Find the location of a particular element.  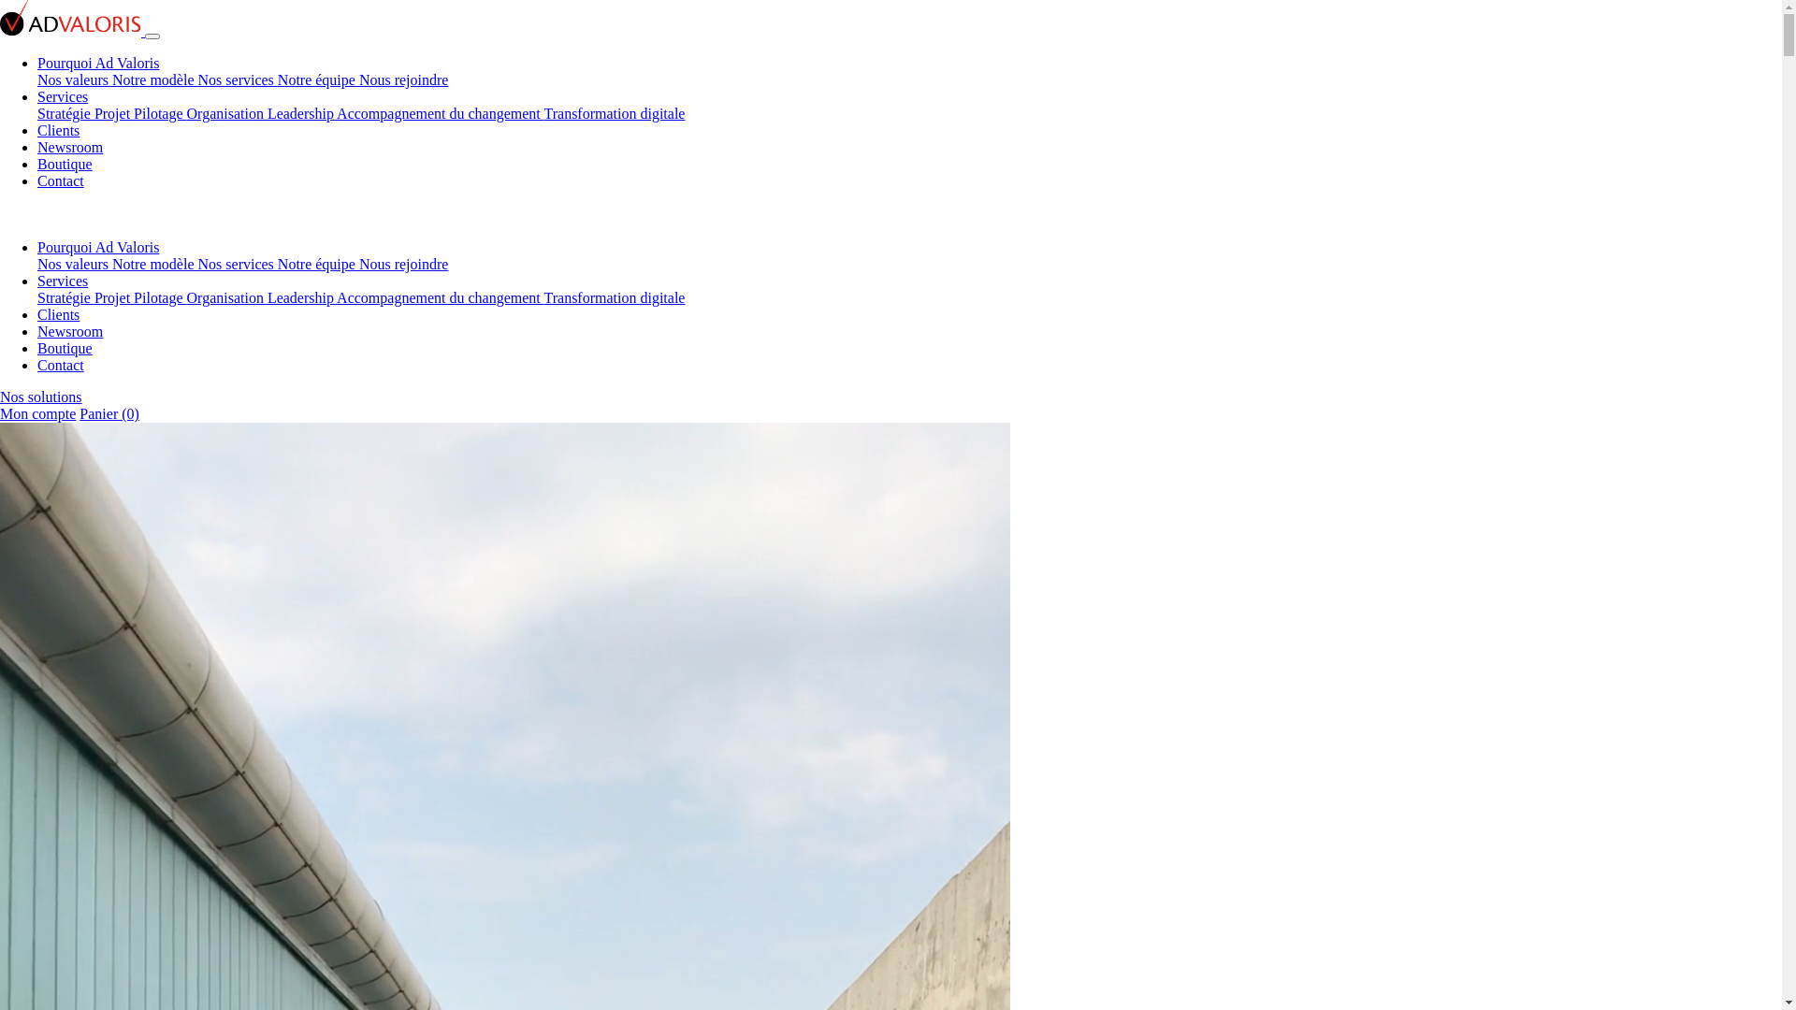

'Nous rejoindre' is located at coordinates (403, 79).